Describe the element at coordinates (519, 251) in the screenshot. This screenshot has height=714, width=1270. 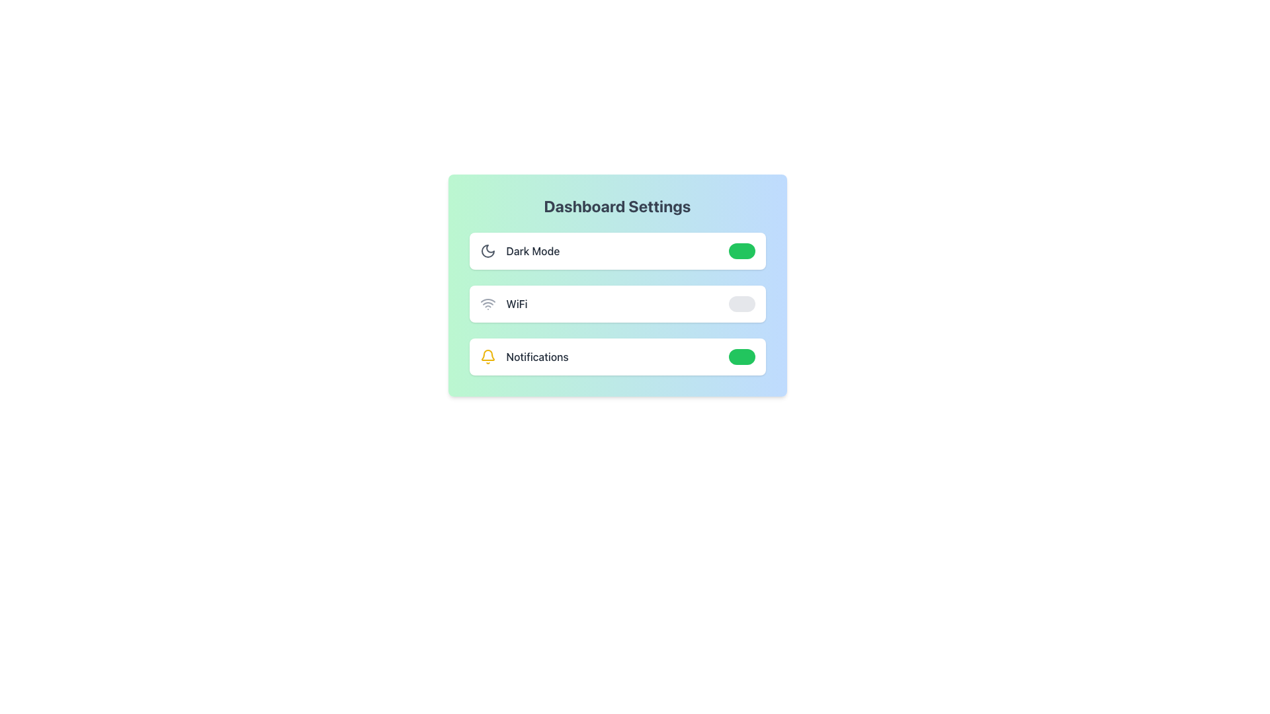
I see `the 'Dark Mode' label that features a crescent moon icon and gray text to trigger a tooltip or styling change` at that location.